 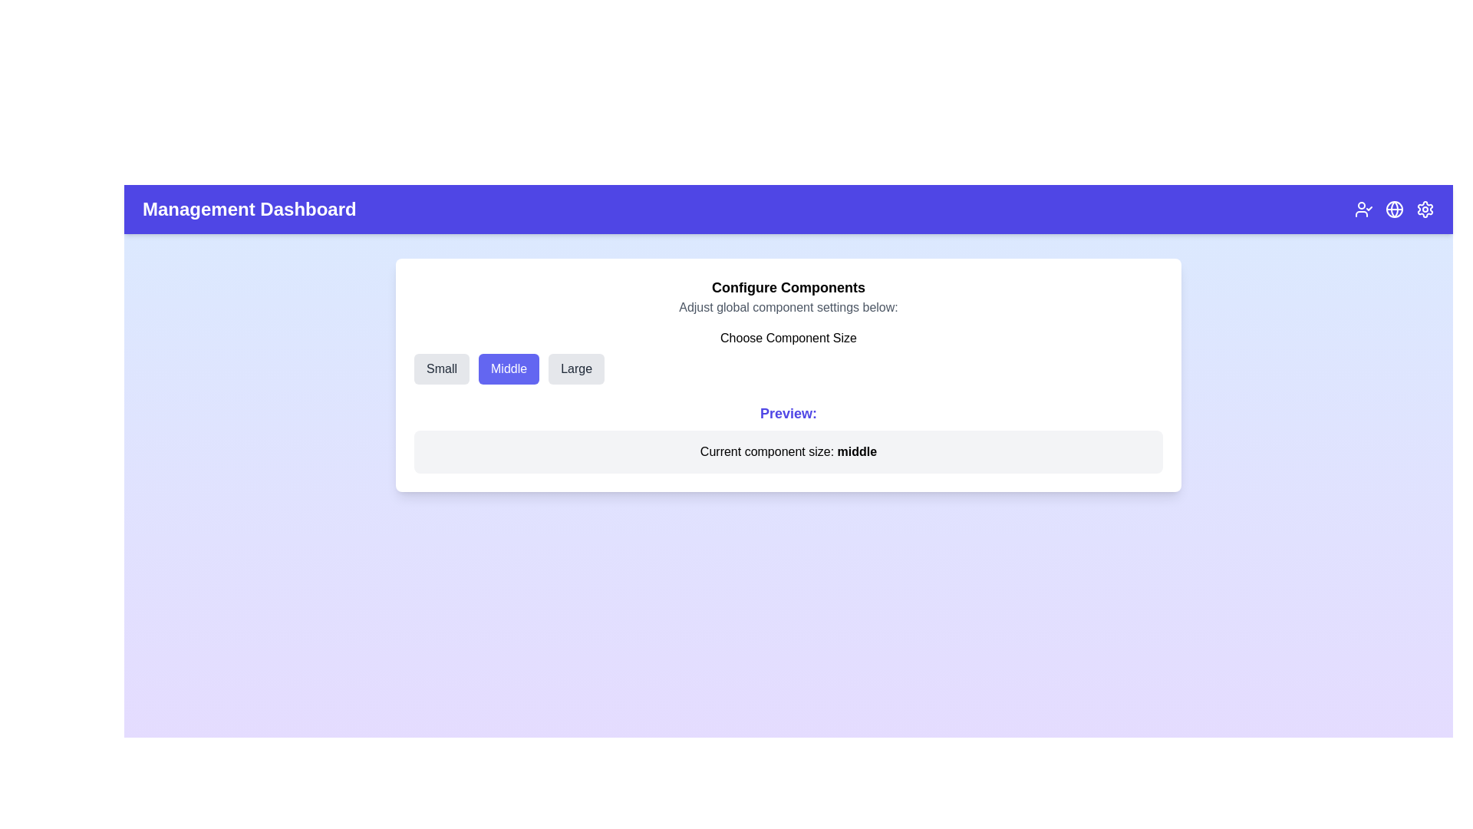 What do you see at coordinates (1395, 210) in the screenshot?
I see `the circular graphical component of the globe icon located in the top-right corner of the interface` at bounding box center [1395, 210].